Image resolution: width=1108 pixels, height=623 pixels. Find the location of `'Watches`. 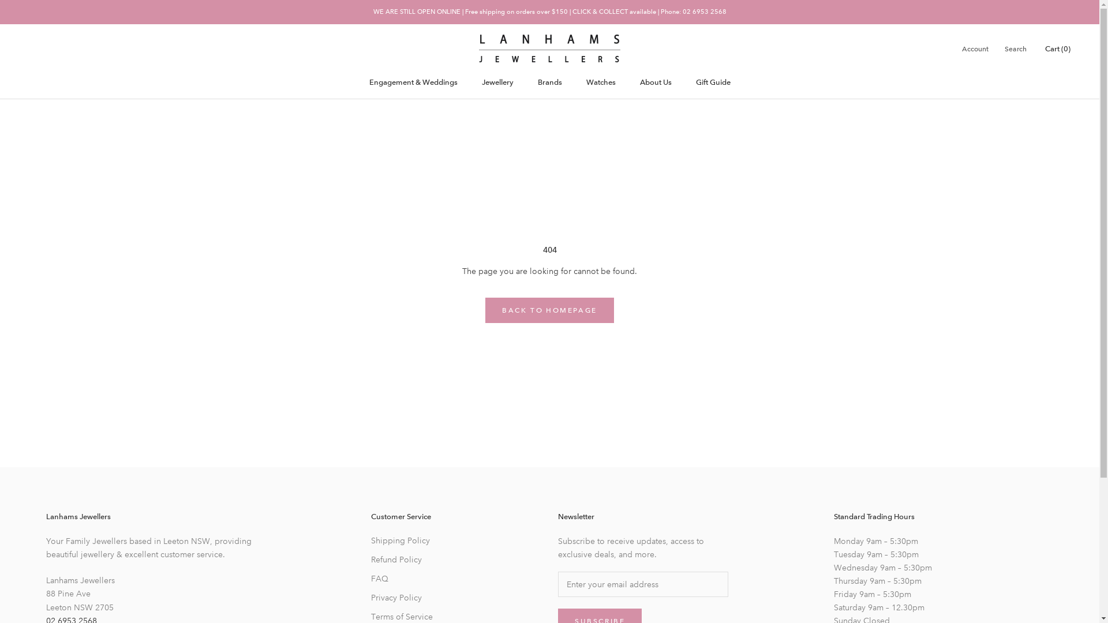

'Watches is located at coordinates (600, 81).